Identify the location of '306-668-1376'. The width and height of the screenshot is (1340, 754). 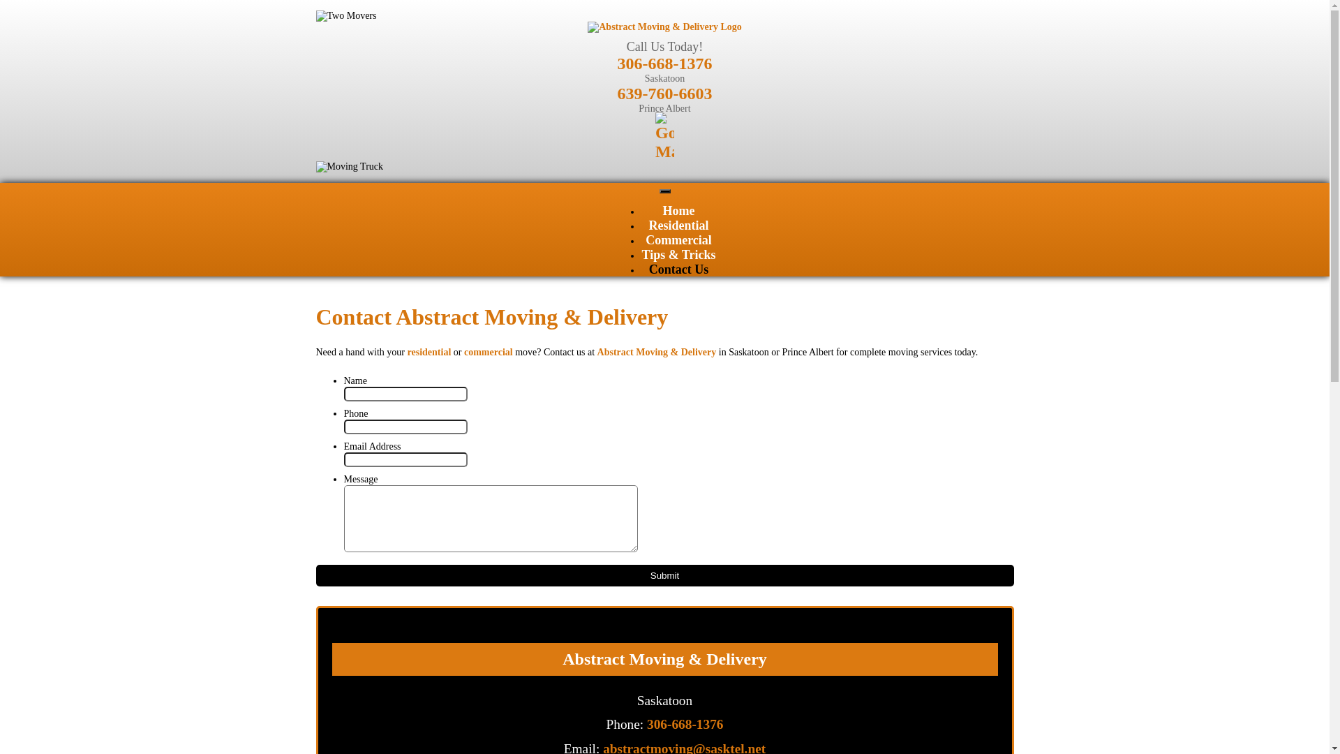
(685, 723).